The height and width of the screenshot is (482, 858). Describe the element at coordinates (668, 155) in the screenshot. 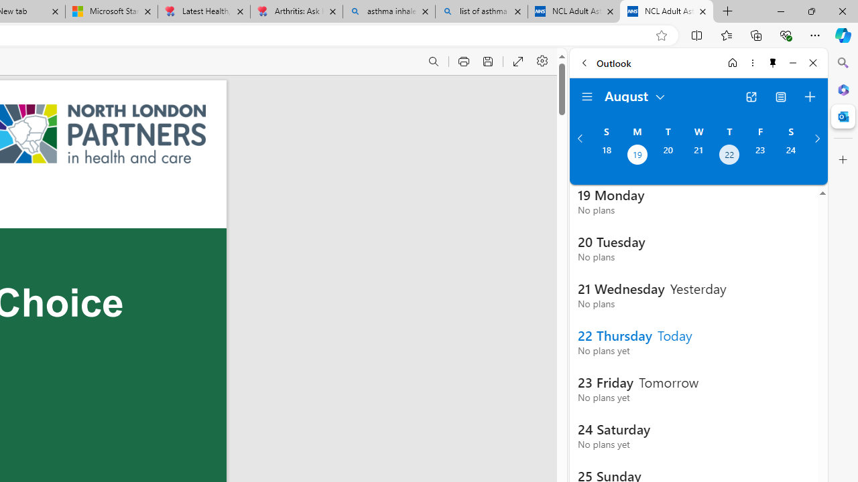

I see `'Tuesday, August 20, 2024. '` at that location.